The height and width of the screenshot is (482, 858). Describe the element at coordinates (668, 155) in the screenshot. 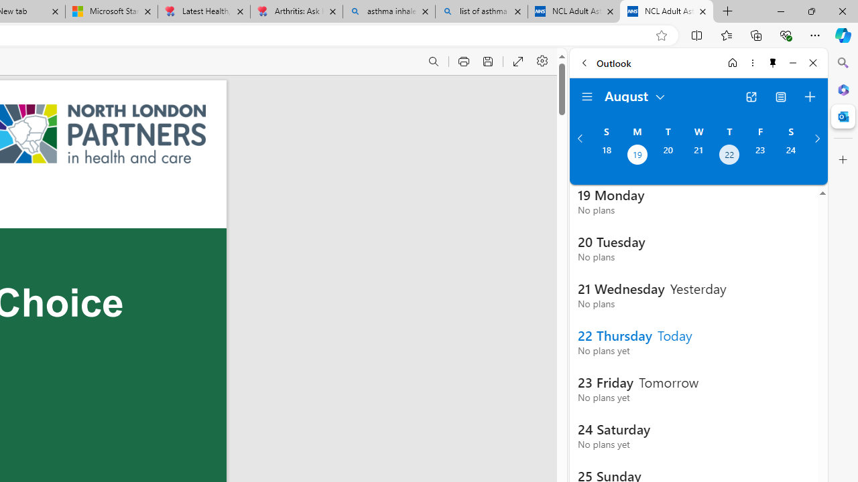

I see `'Tuesday, August 20, 2024. '` at that location.